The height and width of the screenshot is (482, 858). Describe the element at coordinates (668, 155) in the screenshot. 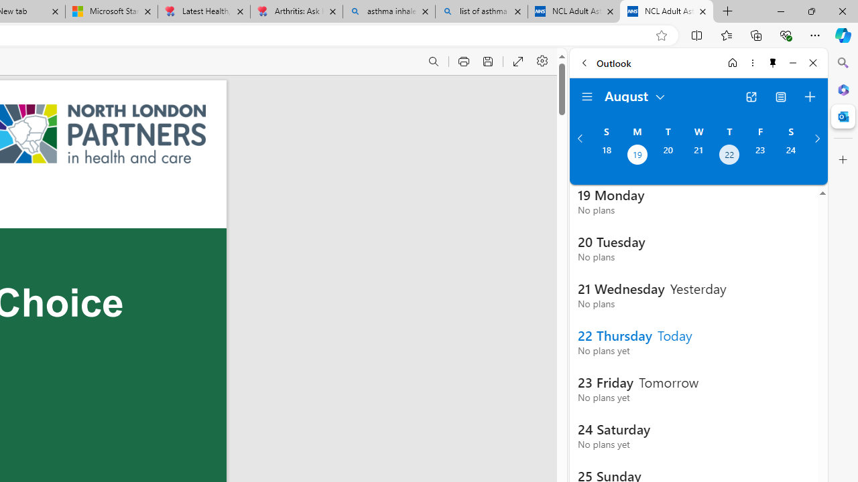

I see `'Tuesday, August 20, 2024. '` at that location.